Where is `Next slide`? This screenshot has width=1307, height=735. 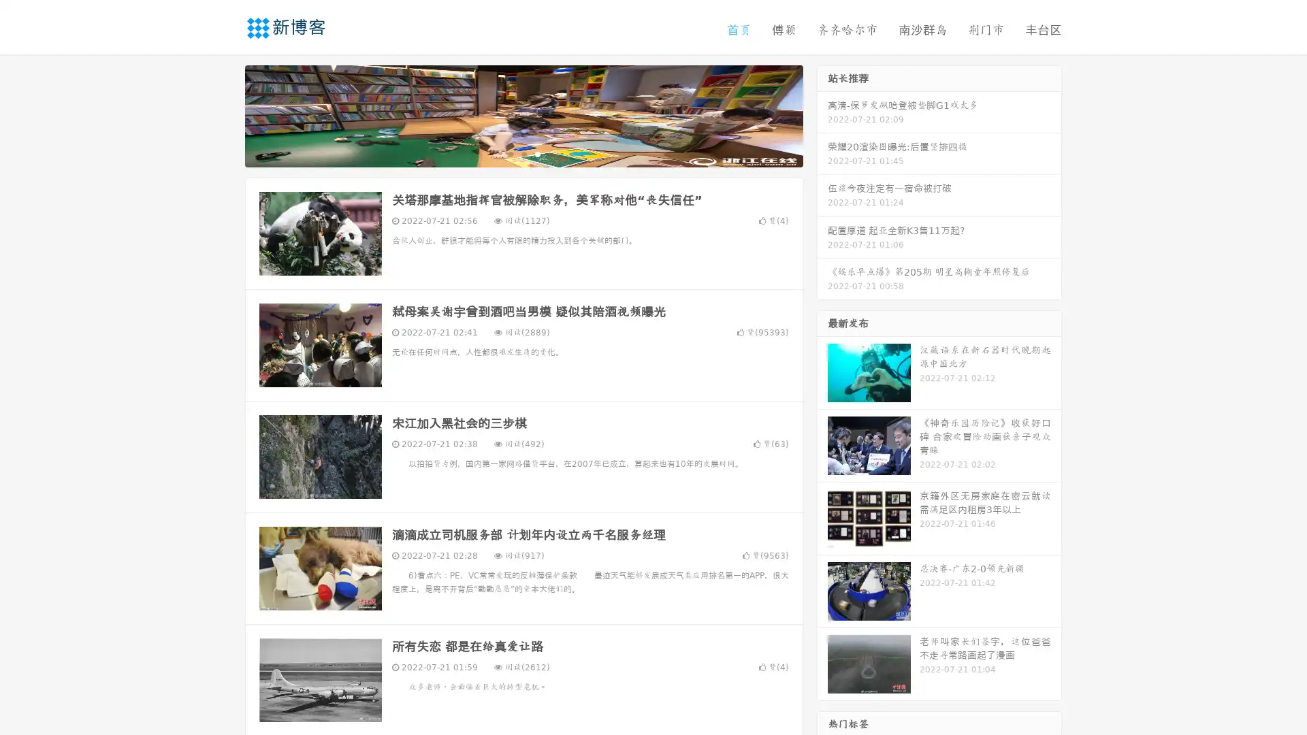 Next slide is located at coordinates (822, 114).